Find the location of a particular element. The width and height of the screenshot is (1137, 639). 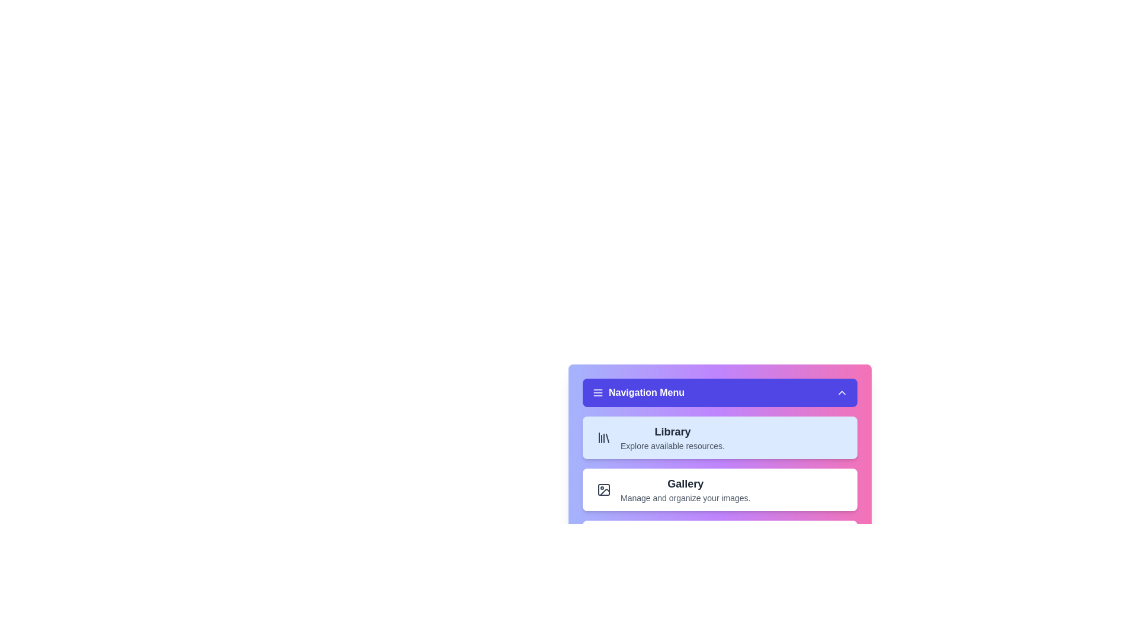

the menu option Library by clicking on it is located at coordinates (719, 438).